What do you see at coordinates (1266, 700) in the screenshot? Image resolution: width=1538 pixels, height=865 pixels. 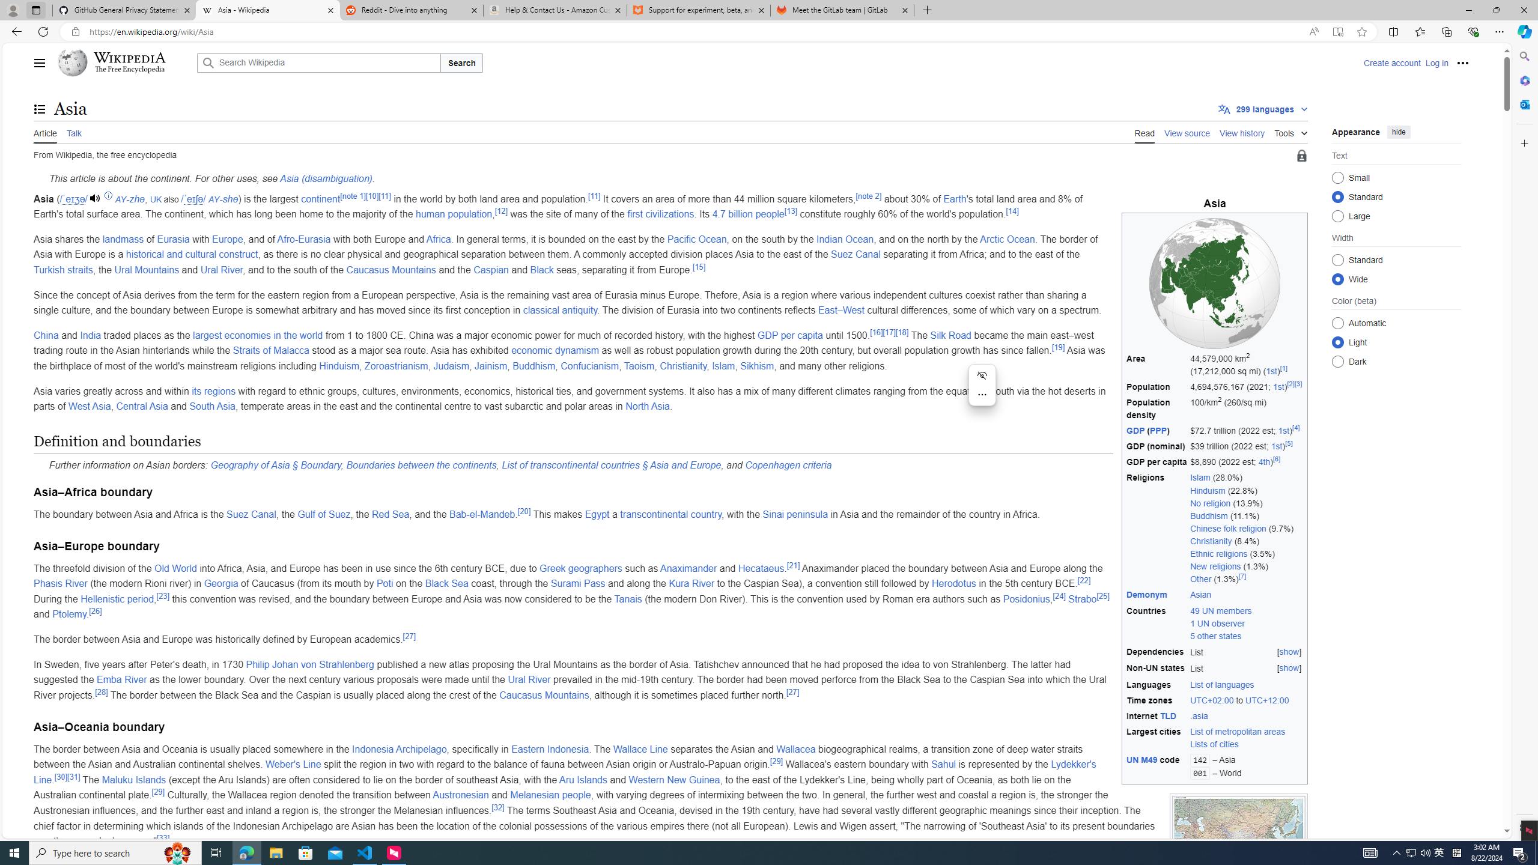 I see `'UTC+12:00'` at bounding box center [1266, 700].